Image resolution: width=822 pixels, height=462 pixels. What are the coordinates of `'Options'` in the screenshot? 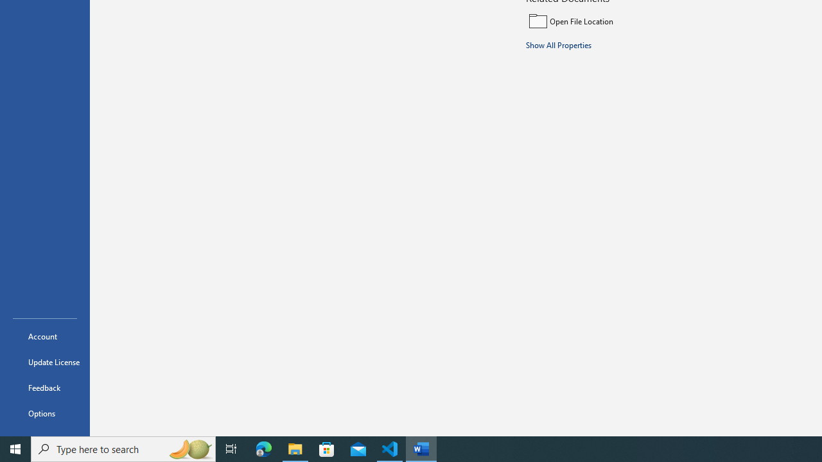 It's located at (44, 413).